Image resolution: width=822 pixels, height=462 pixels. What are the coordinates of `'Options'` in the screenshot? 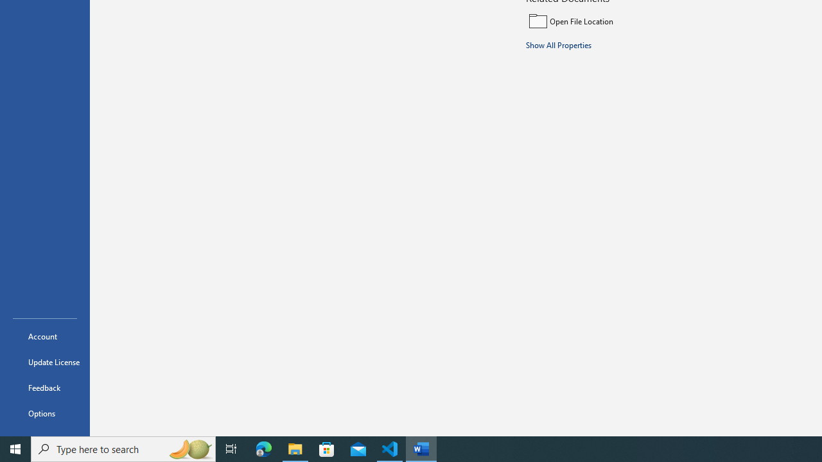 It's located at (44, 413).